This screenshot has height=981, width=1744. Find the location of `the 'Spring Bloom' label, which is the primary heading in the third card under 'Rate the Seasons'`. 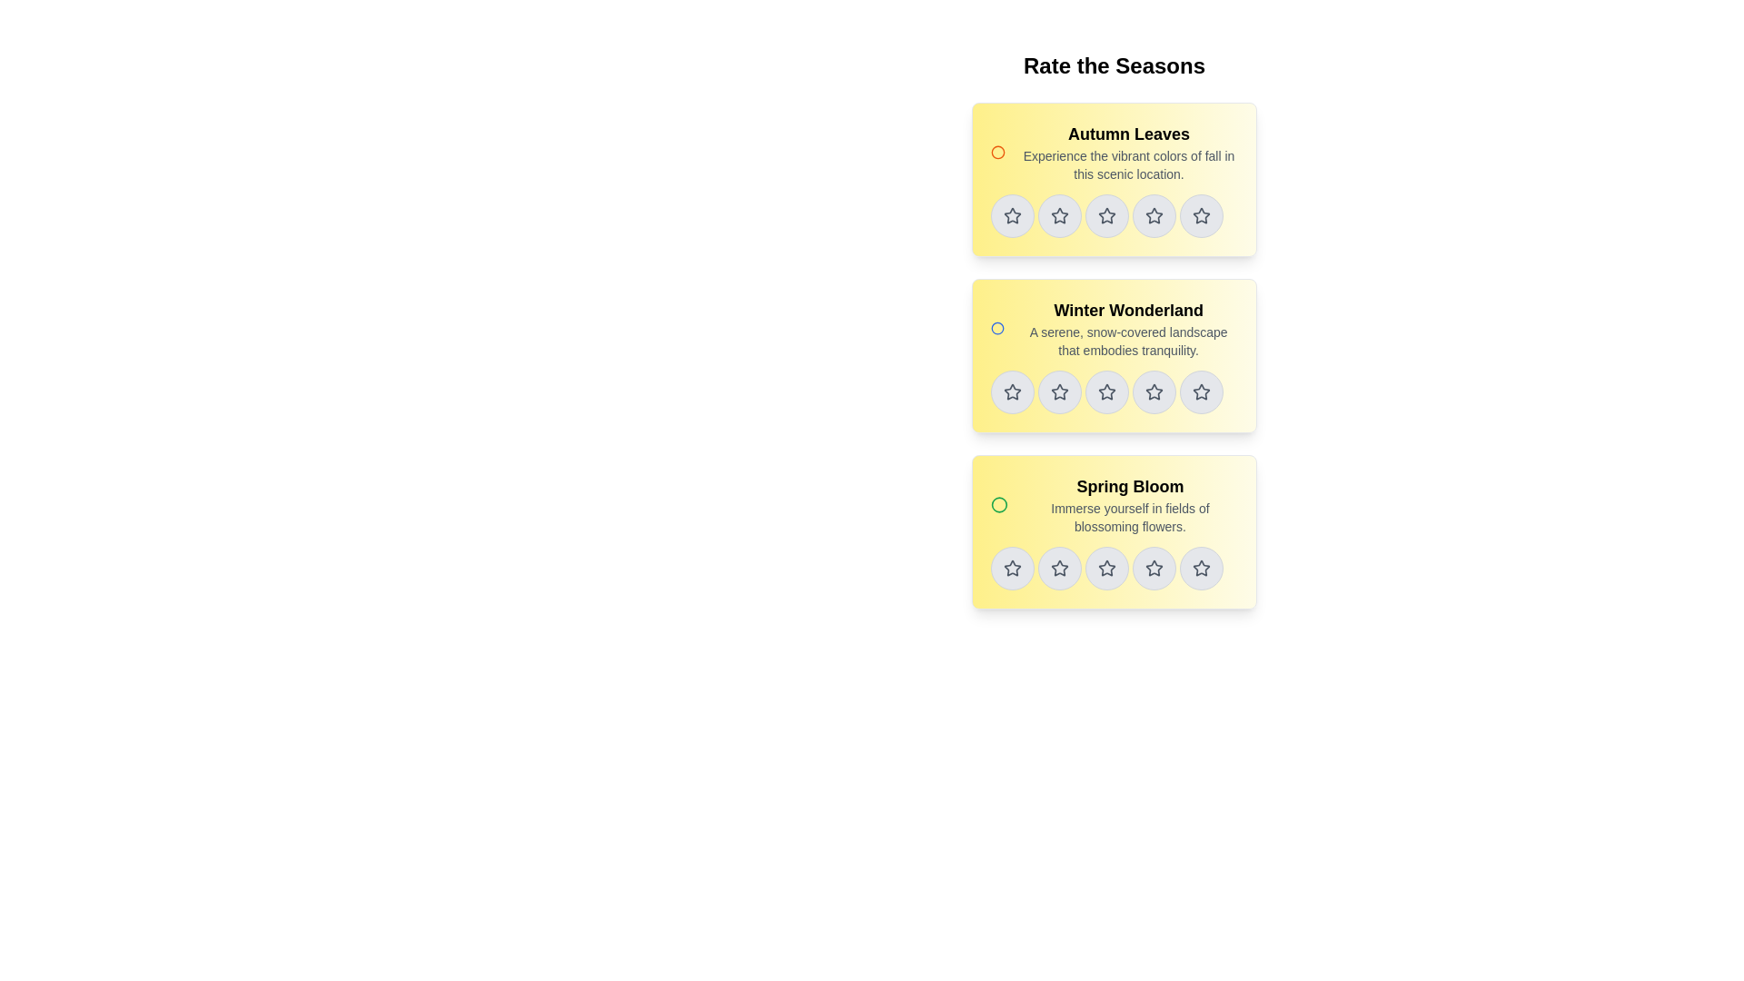

the 'Spring Bloom' label, which is the primary heading in the third card under 'Rate the Seasons' is located at coordinates (1129, 486).